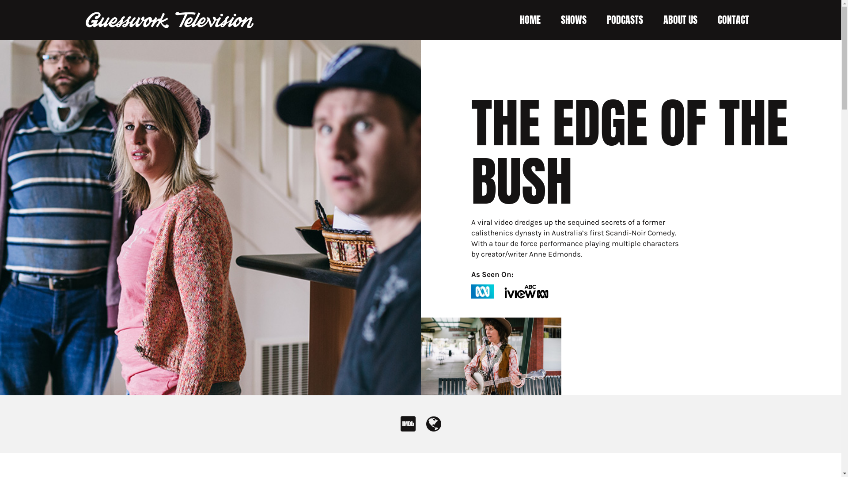 This screenshot has height=477, width=848. I want to click on 'PODCASTS', so click(606, 20).